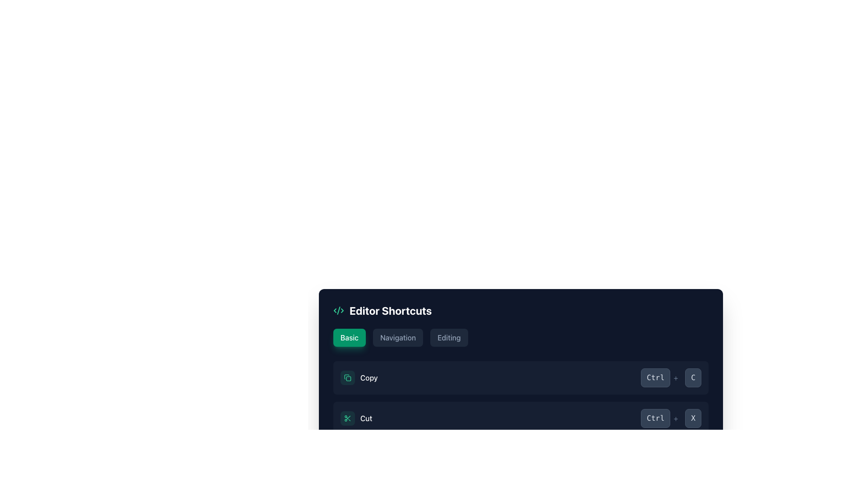  I want to click on the scissors icon button located to the left of the 'Cut' text label within the 'Editor Shortcuts' section, so click(347, 418).